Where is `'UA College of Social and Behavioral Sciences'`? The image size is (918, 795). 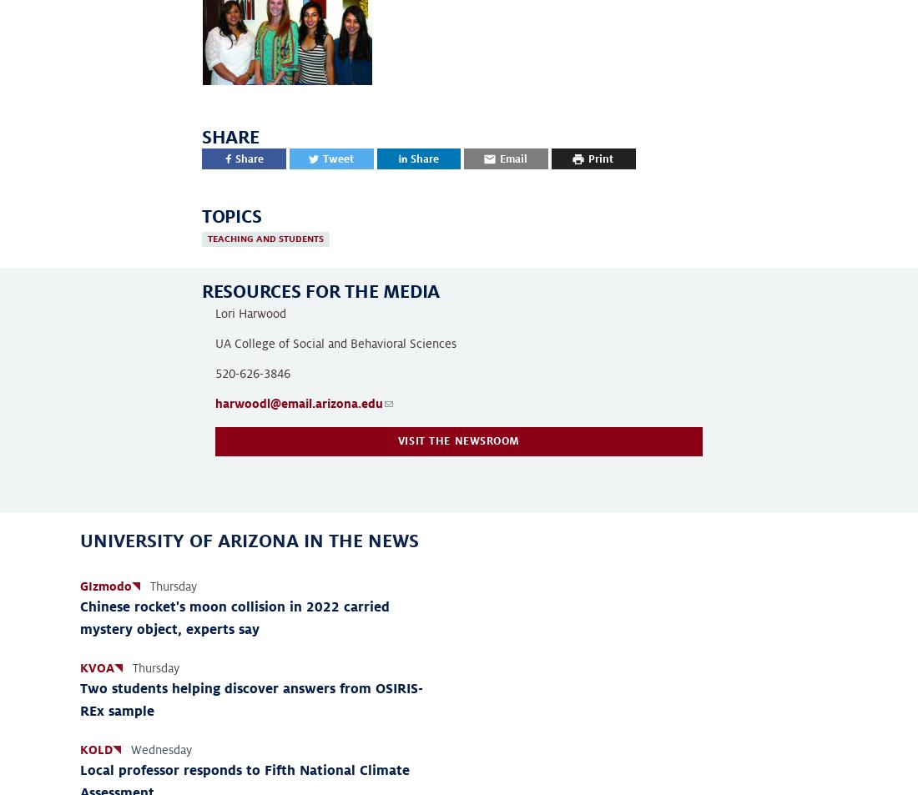
'UA College of Social and Behavioral Sciences' is located at coordinates (335, 342).